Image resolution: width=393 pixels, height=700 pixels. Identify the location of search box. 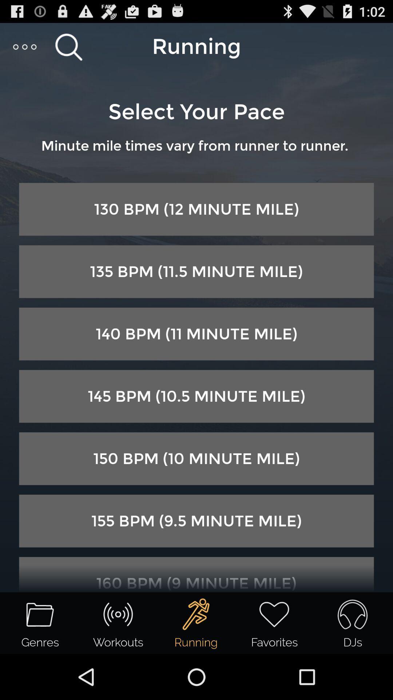
(68, 46).